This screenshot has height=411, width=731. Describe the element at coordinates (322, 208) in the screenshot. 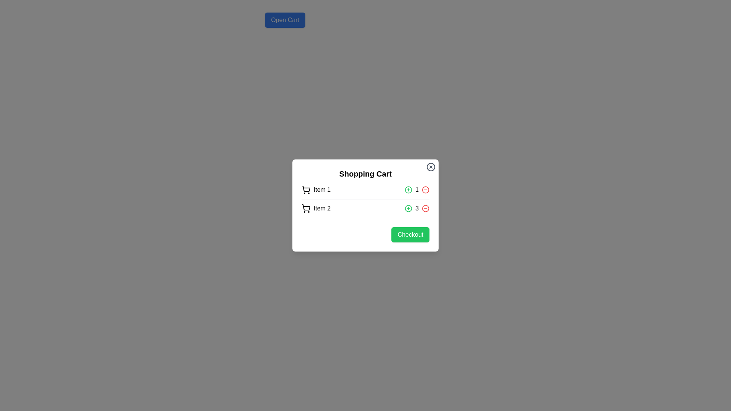

I see `text displayed by the second item label in the shopping cart list, located below the 'Item 1' label` at that location.